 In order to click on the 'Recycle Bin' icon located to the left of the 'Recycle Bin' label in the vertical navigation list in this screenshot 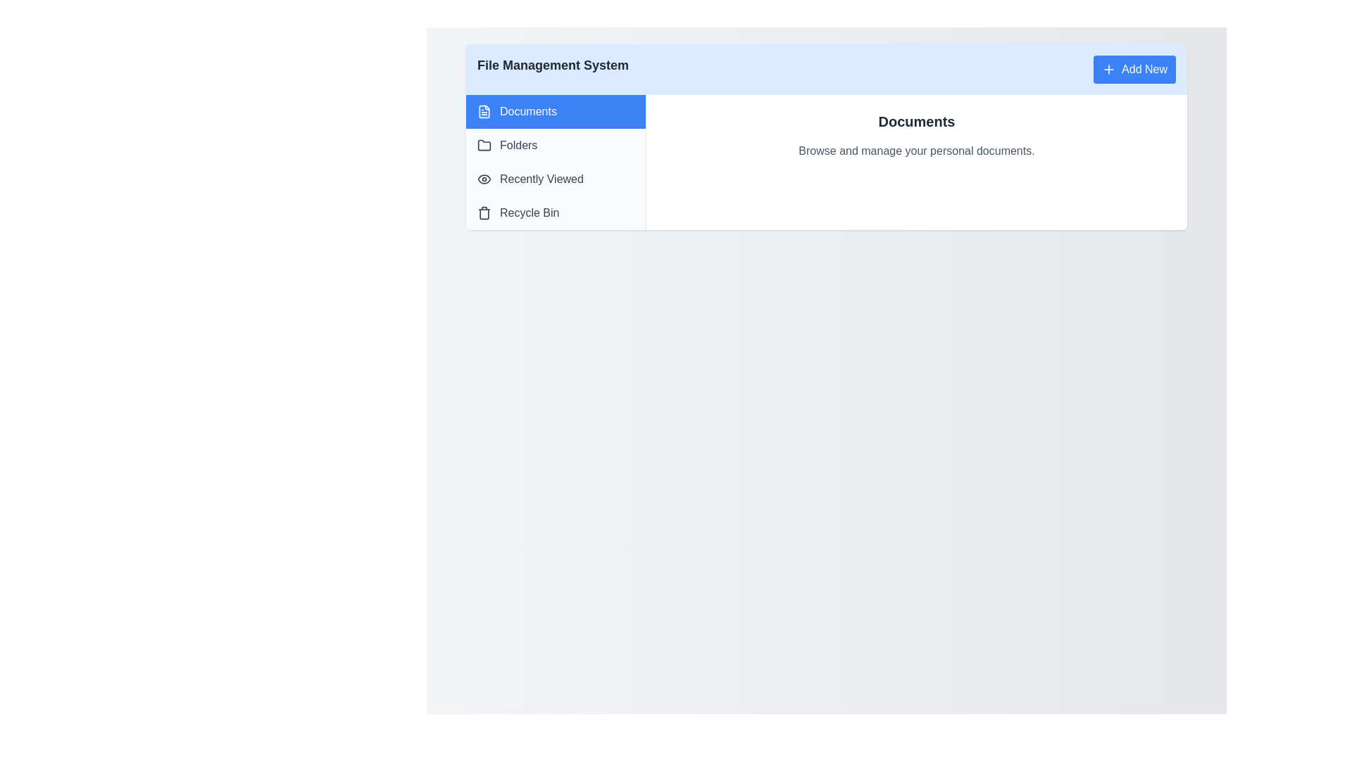, I will do `click(484, 213)`.